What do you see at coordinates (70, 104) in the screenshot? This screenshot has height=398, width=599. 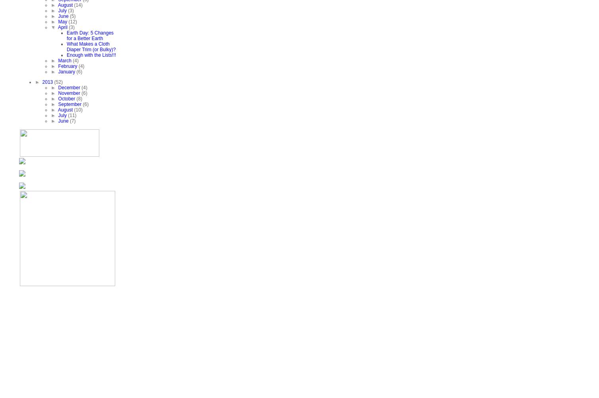 I see `'September'` at bounding box center [70, 104].